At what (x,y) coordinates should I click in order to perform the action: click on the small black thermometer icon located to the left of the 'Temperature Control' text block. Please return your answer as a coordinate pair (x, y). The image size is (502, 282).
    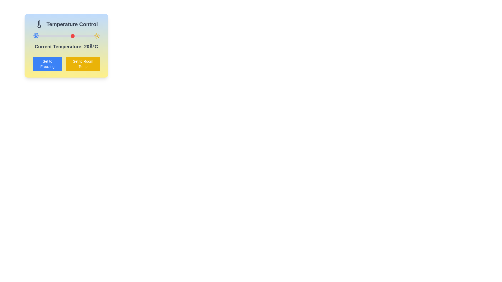
    Looking at the image, I should click on (39, 24).